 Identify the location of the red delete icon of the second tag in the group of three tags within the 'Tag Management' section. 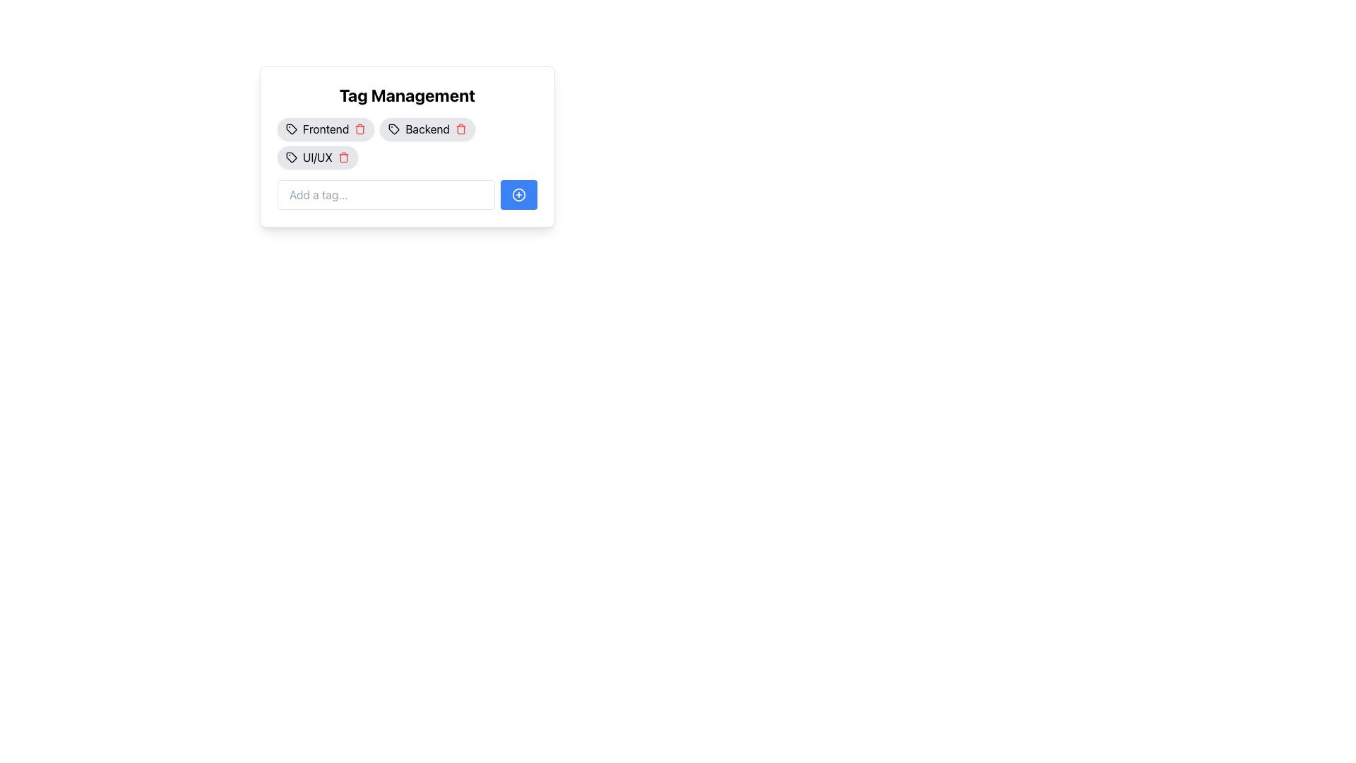
(406, 143).